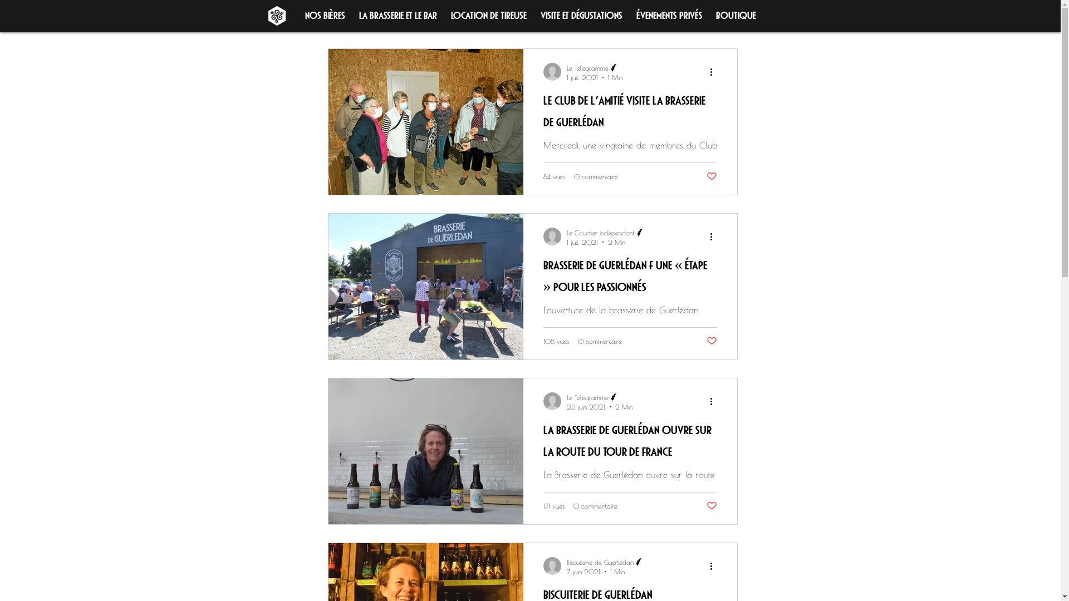 This screenshot has height=601, width=1069. I want to click on 'Vous n'aimez plus ce post', so click(710, 175).